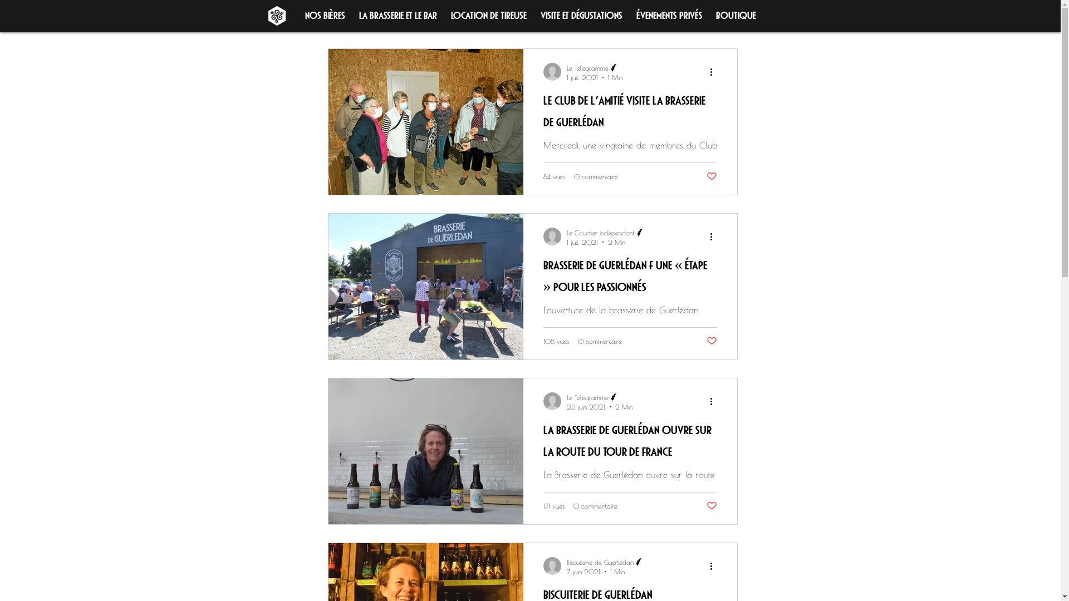 This screenshot has height=601, width=1069. I want to click on 'Vous n'aimez plus ce post', so click(710, 175).